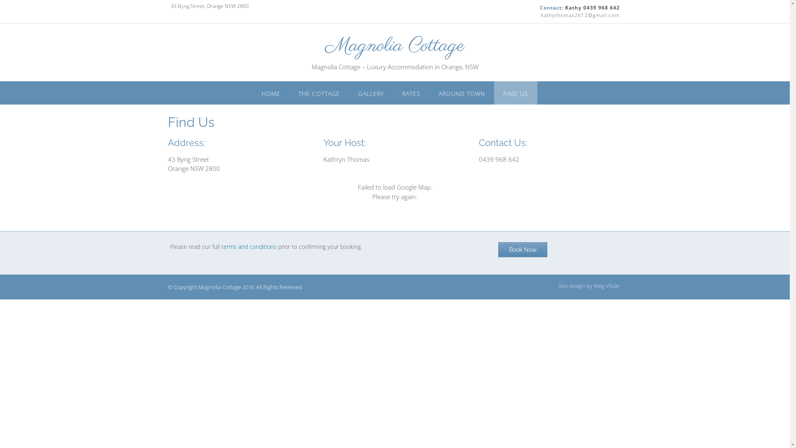 The width and height of the screenshot is (796, 448). Describe the element at coordinates (318, 93) in the screenshot. I see `'THE COTTAGE'` at that location.